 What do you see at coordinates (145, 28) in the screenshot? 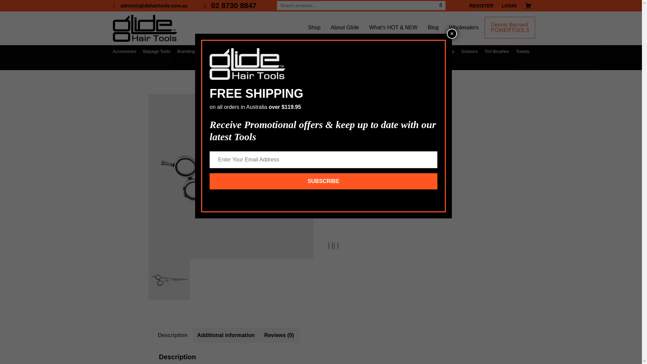
I see `'Glide Hair Tools'` at bounding box center [145, 28].